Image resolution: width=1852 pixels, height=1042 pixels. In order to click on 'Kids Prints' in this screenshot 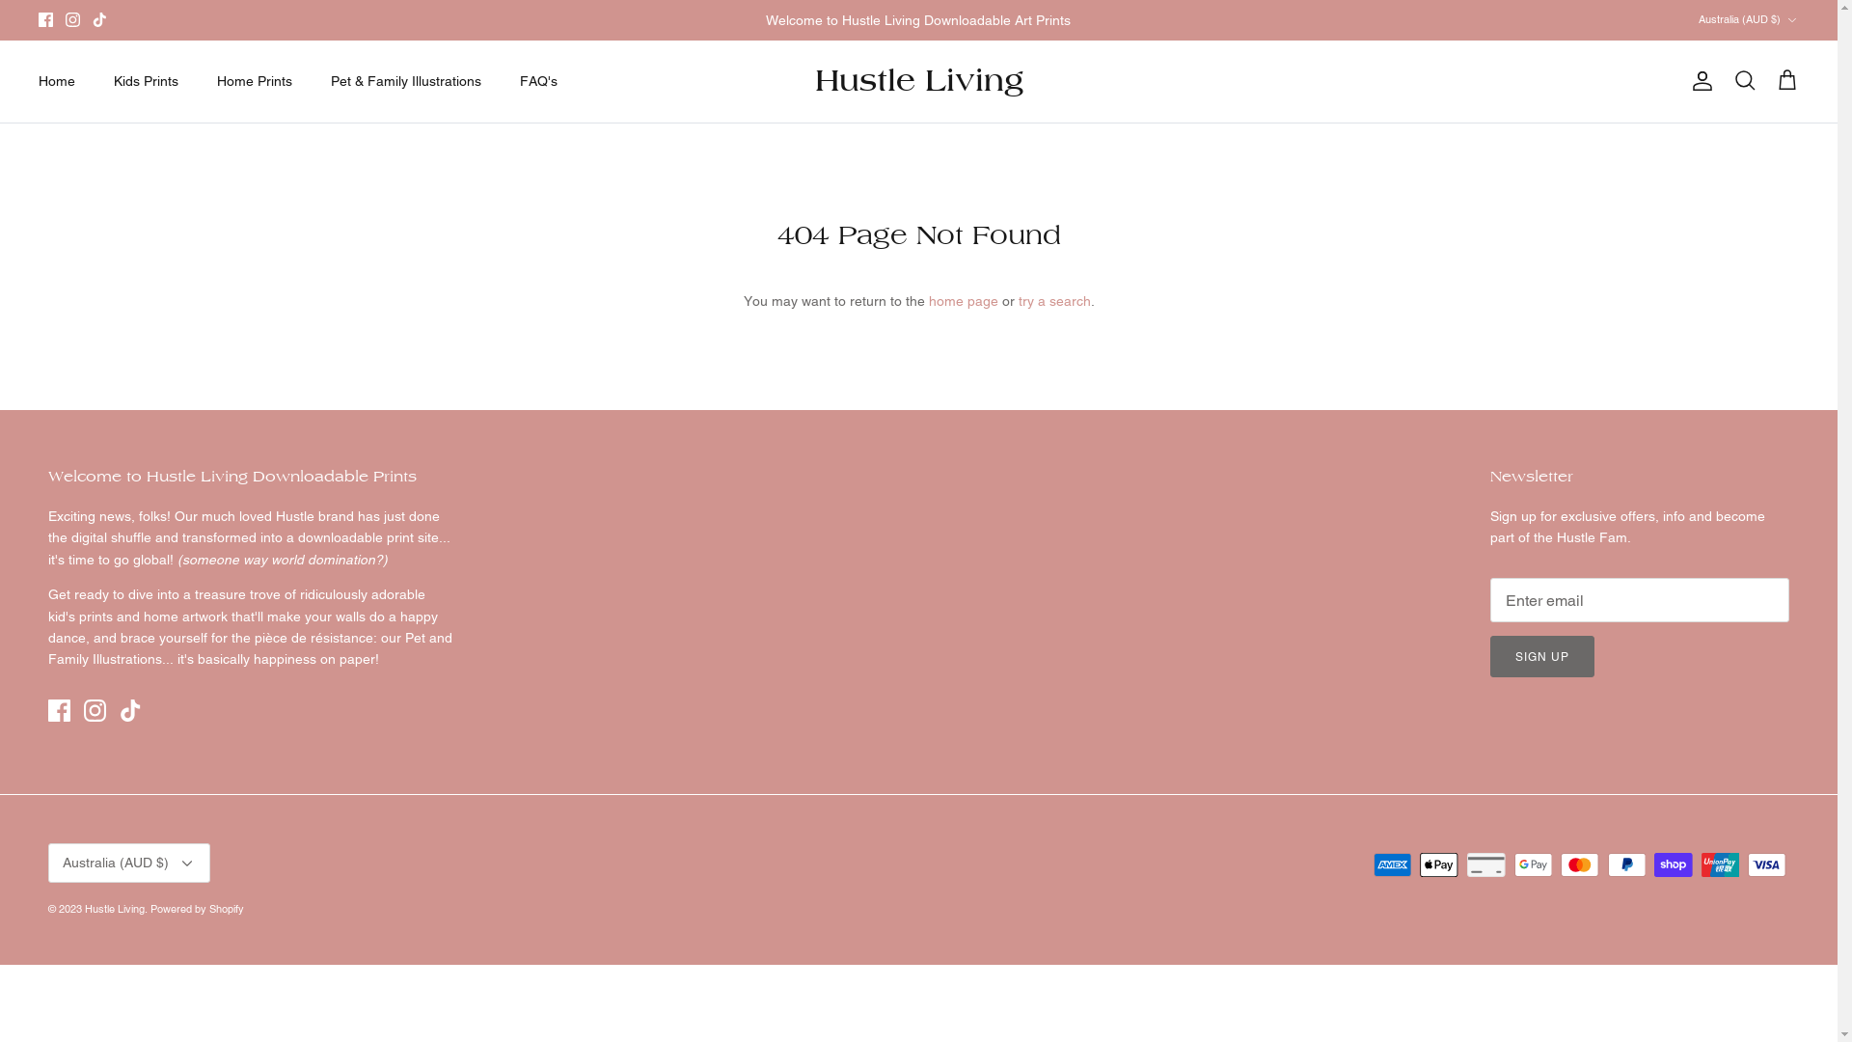, I will do `click(145, 80)`.